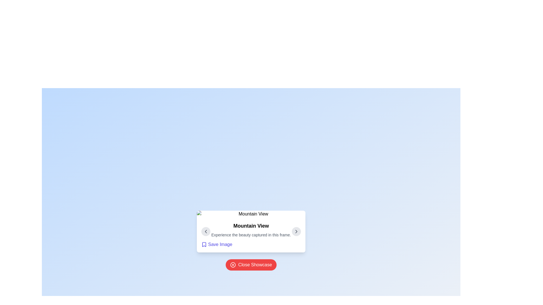  Describe the element at coordinates (251, 235) in the screenshot. I see `descriptive text located in the informative card section about 'Mountain View', which is centrally aligned below an image` at that location.